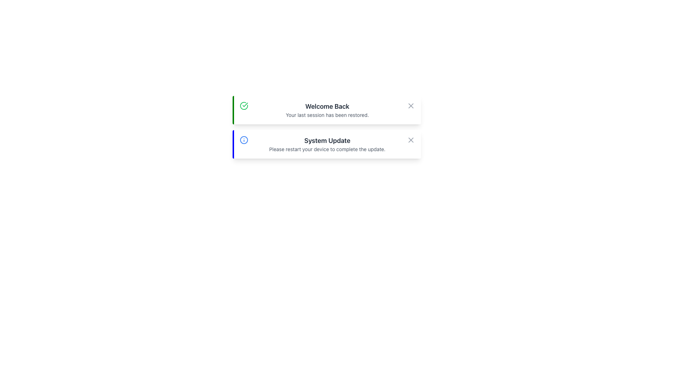 The image size is (685, 385). What do you see at coordinates (327, 107) in the screenshot?
I see `the 'Welcome Back' text displayed in bold, larger font near the top-center of the interface` at bounding box center [327, 107].